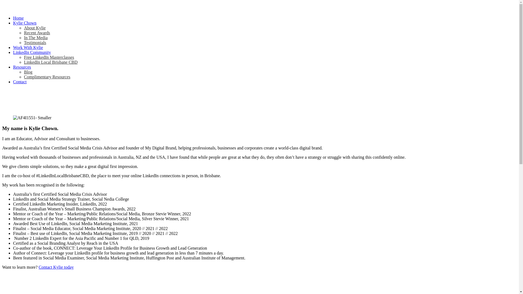 This screenshot has height=294, width=523. Describe the element at coordinates (23, 42) in the screenshot. I see `'Testimonials'` at that location.